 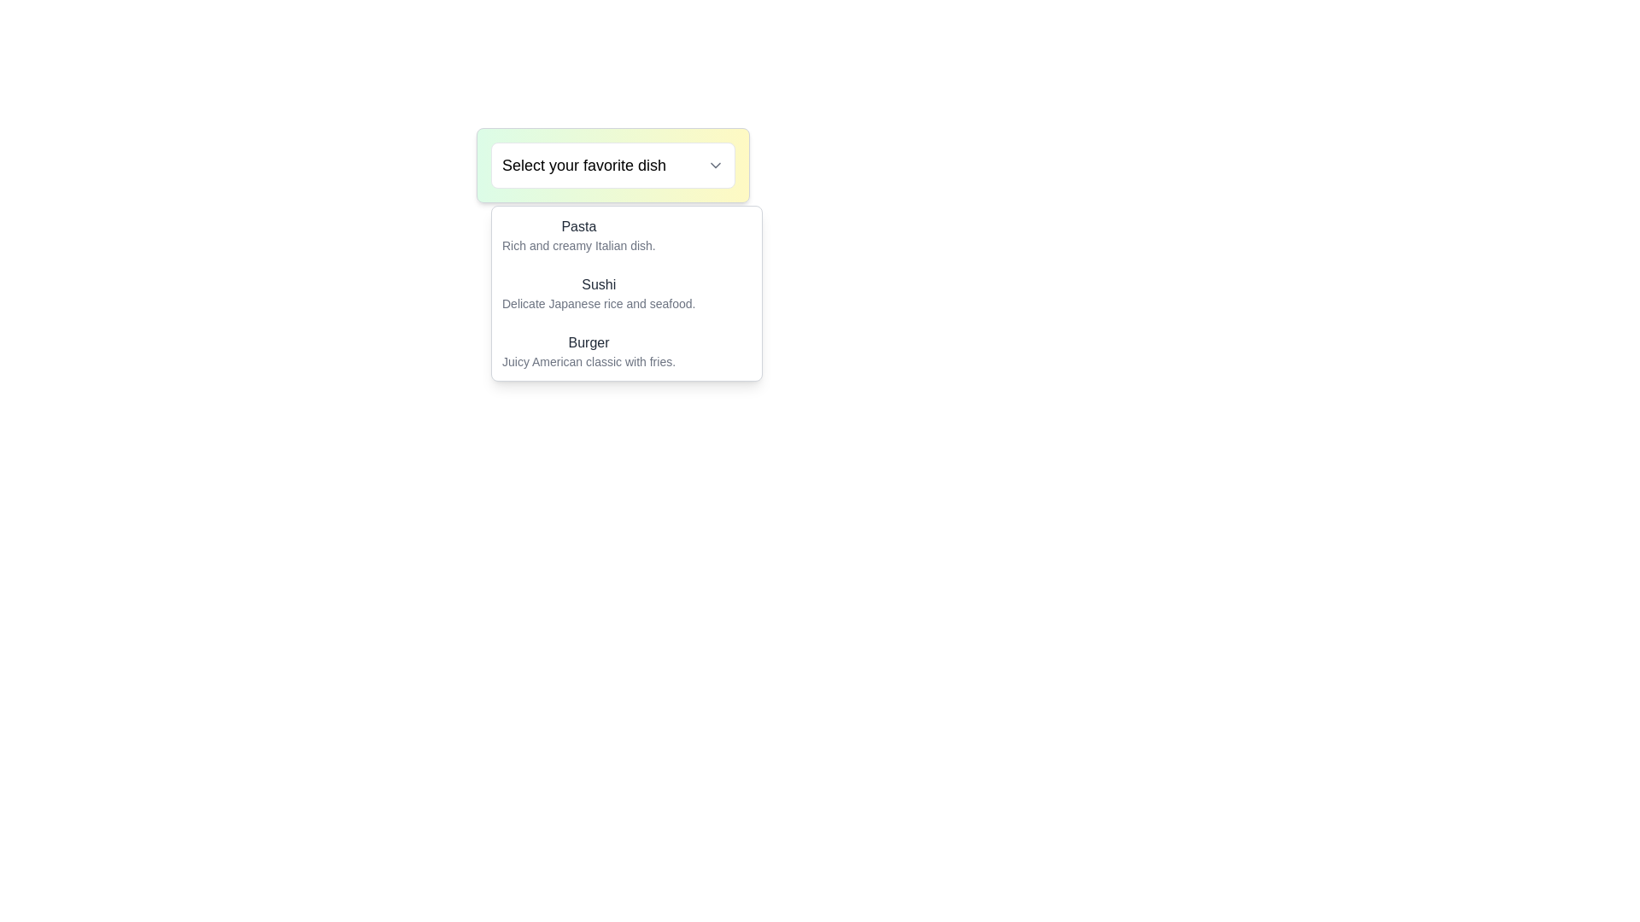 What do you see at coordinates (599, 284) in the screenshot?
I see `the Text Label that represents an option in the selection menu for choosing a favorite dish, located underneath the title 'Select your favorite dish', between 'Pasta' and 'Burger'` at bounding box center [599, 284].